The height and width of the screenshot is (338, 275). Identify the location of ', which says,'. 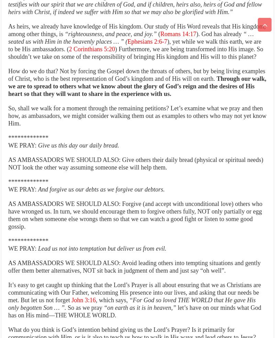
(111, 300).